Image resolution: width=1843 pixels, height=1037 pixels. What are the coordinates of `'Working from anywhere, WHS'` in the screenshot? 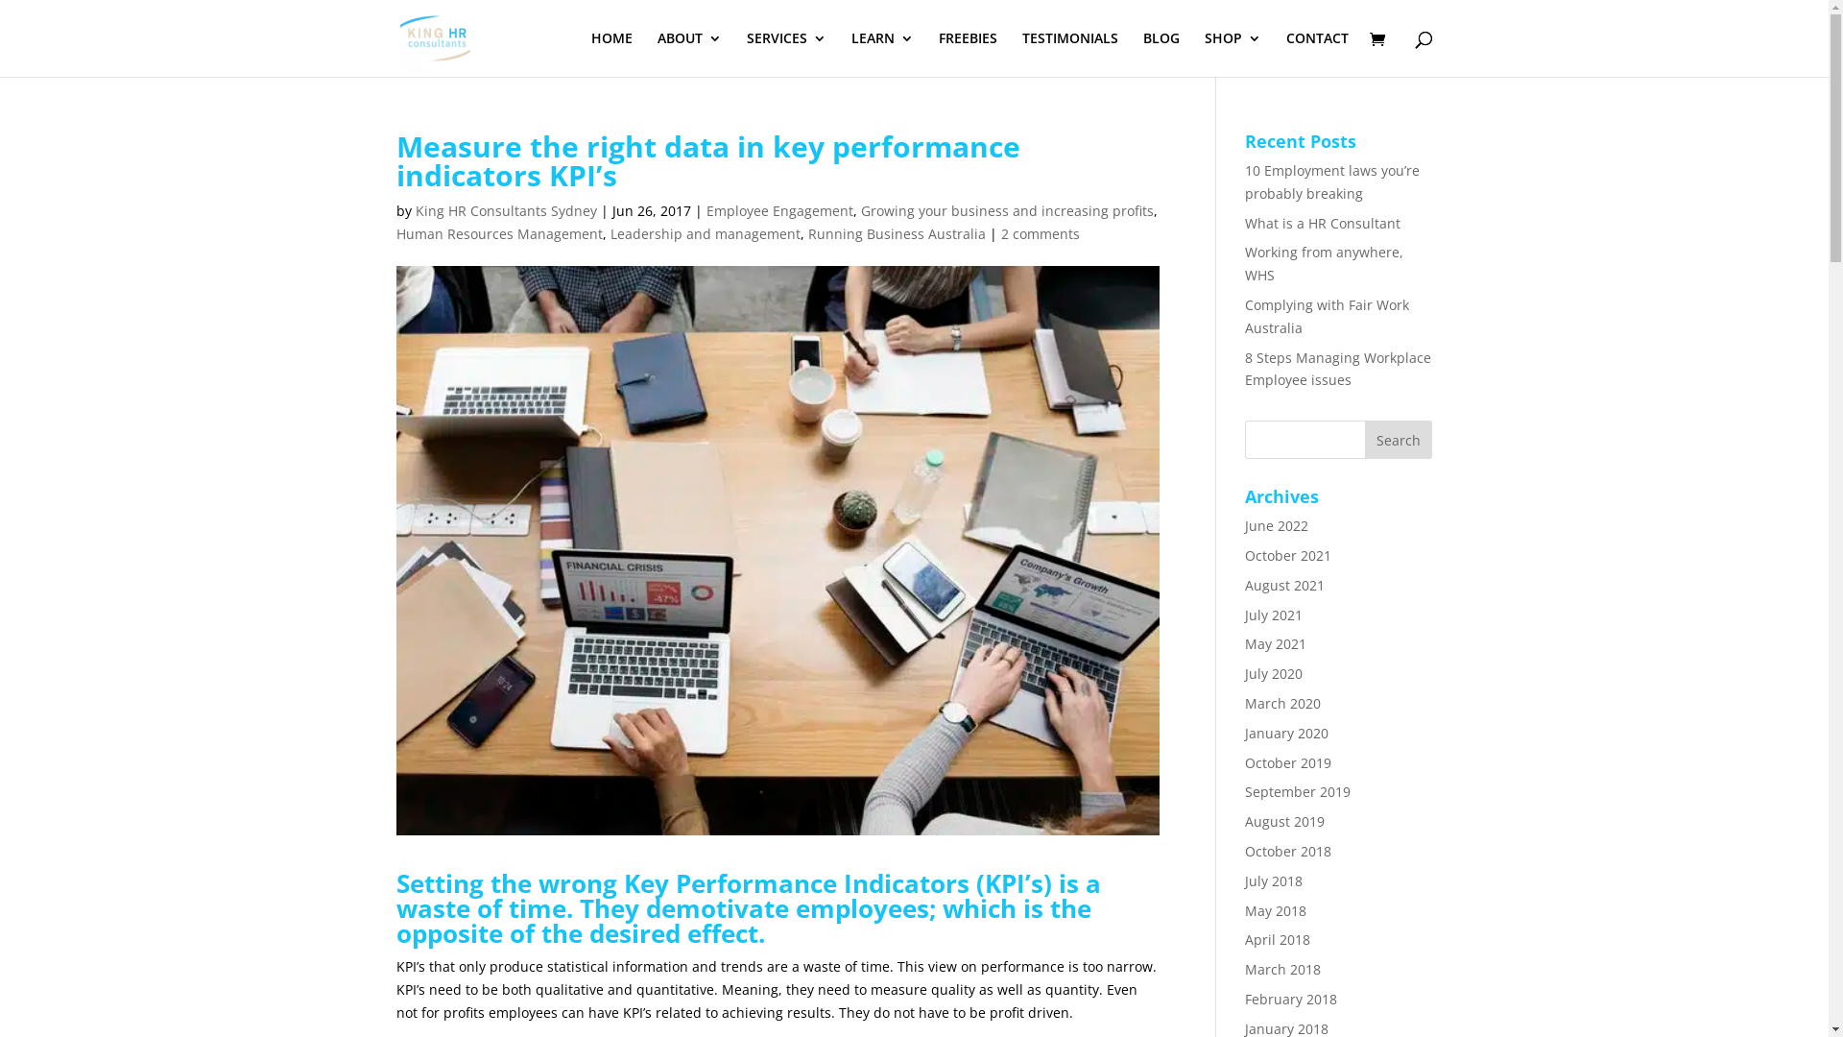 It's located at (1323, 263).